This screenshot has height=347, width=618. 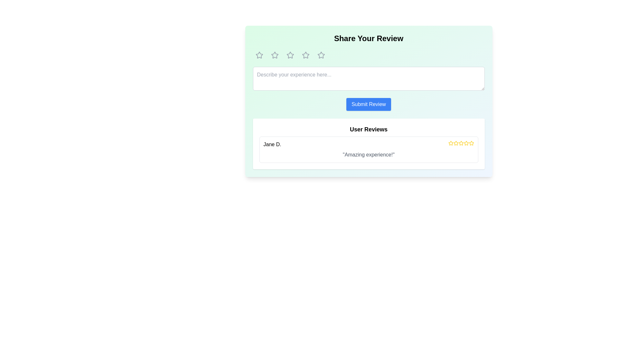 What do you see at coordinates (466, 143) in the screenshot?
I see `the fourth star icon representing user feedback, located next to the 'Jane D.' user review section` at bounding box center [466, 143].